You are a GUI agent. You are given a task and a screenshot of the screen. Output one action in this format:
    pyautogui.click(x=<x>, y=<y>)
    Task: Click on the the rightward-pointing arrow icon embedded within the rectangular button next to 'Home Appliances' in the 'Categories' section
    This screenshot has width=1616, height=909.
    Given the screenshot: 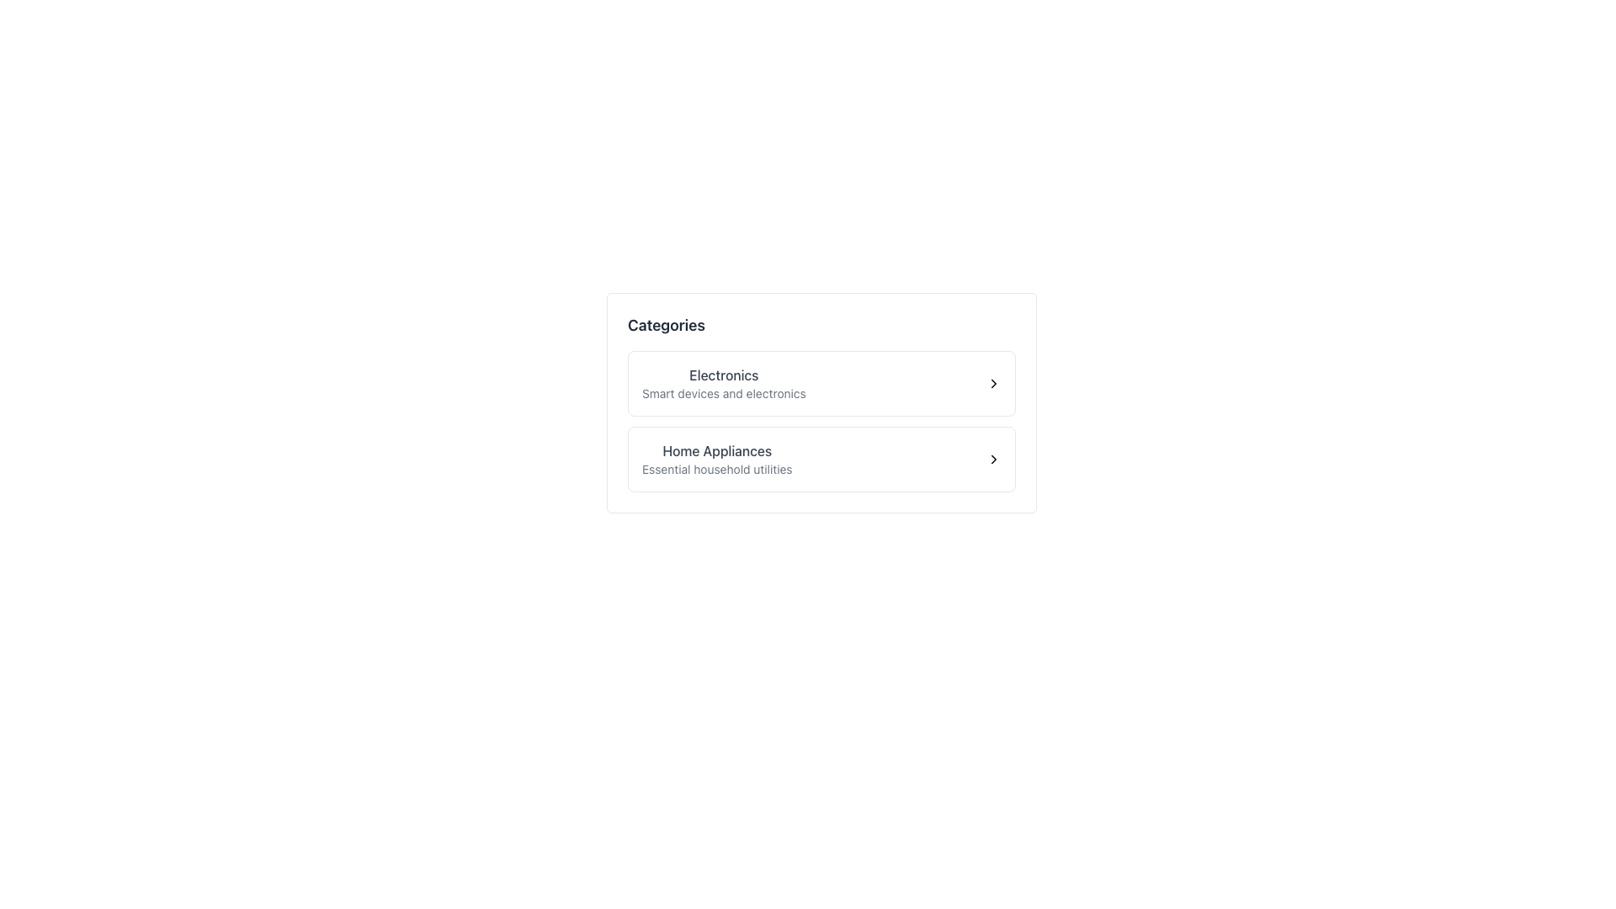 What is the action you would take?
    pyautogui.click(x=993, y=460)
    